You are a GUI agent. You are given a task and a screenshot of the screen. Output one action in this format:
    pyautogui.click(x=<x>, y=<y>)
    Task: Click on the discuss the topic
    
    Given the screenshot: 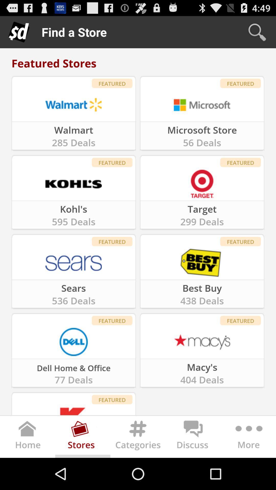 What is the action you would take?
    pyautogui.click(x=193, y=438)
    